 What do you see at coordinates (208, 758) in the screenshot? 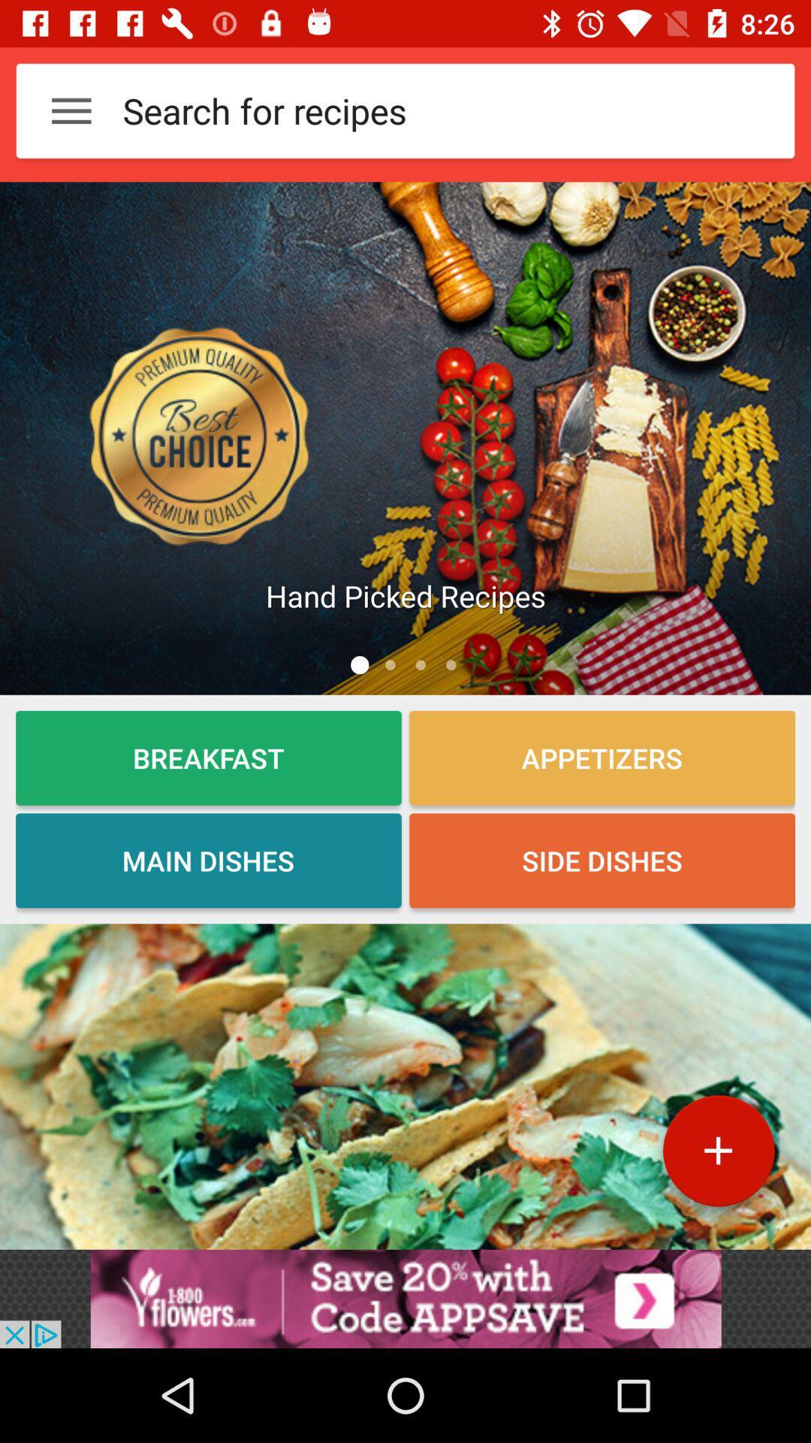
I see `the breakfast option` at bounding box center [208, 758].